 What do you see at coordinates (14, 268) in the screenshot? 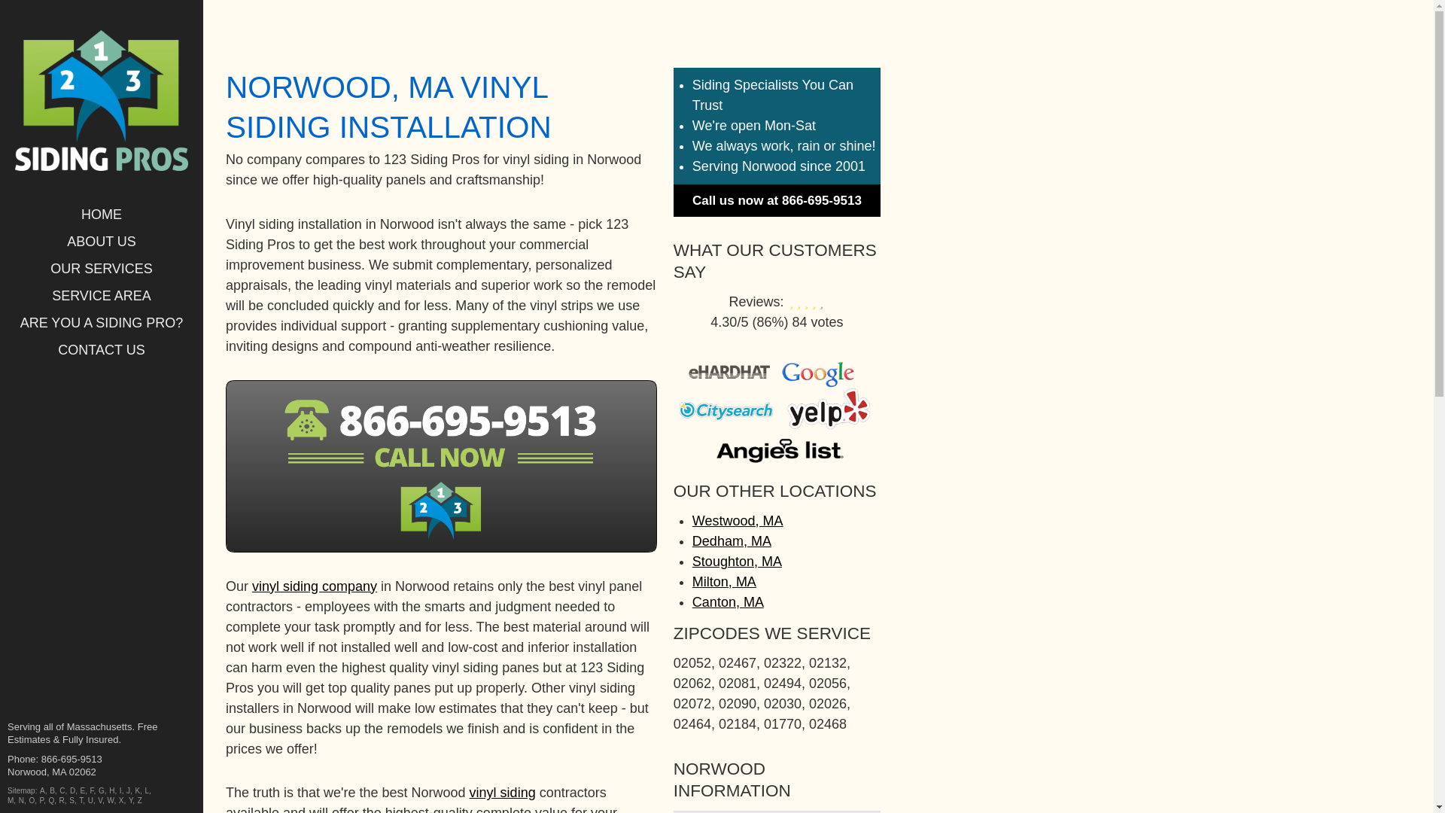
I see `'OUR SERVICES'` at bounding box center [14, 268].